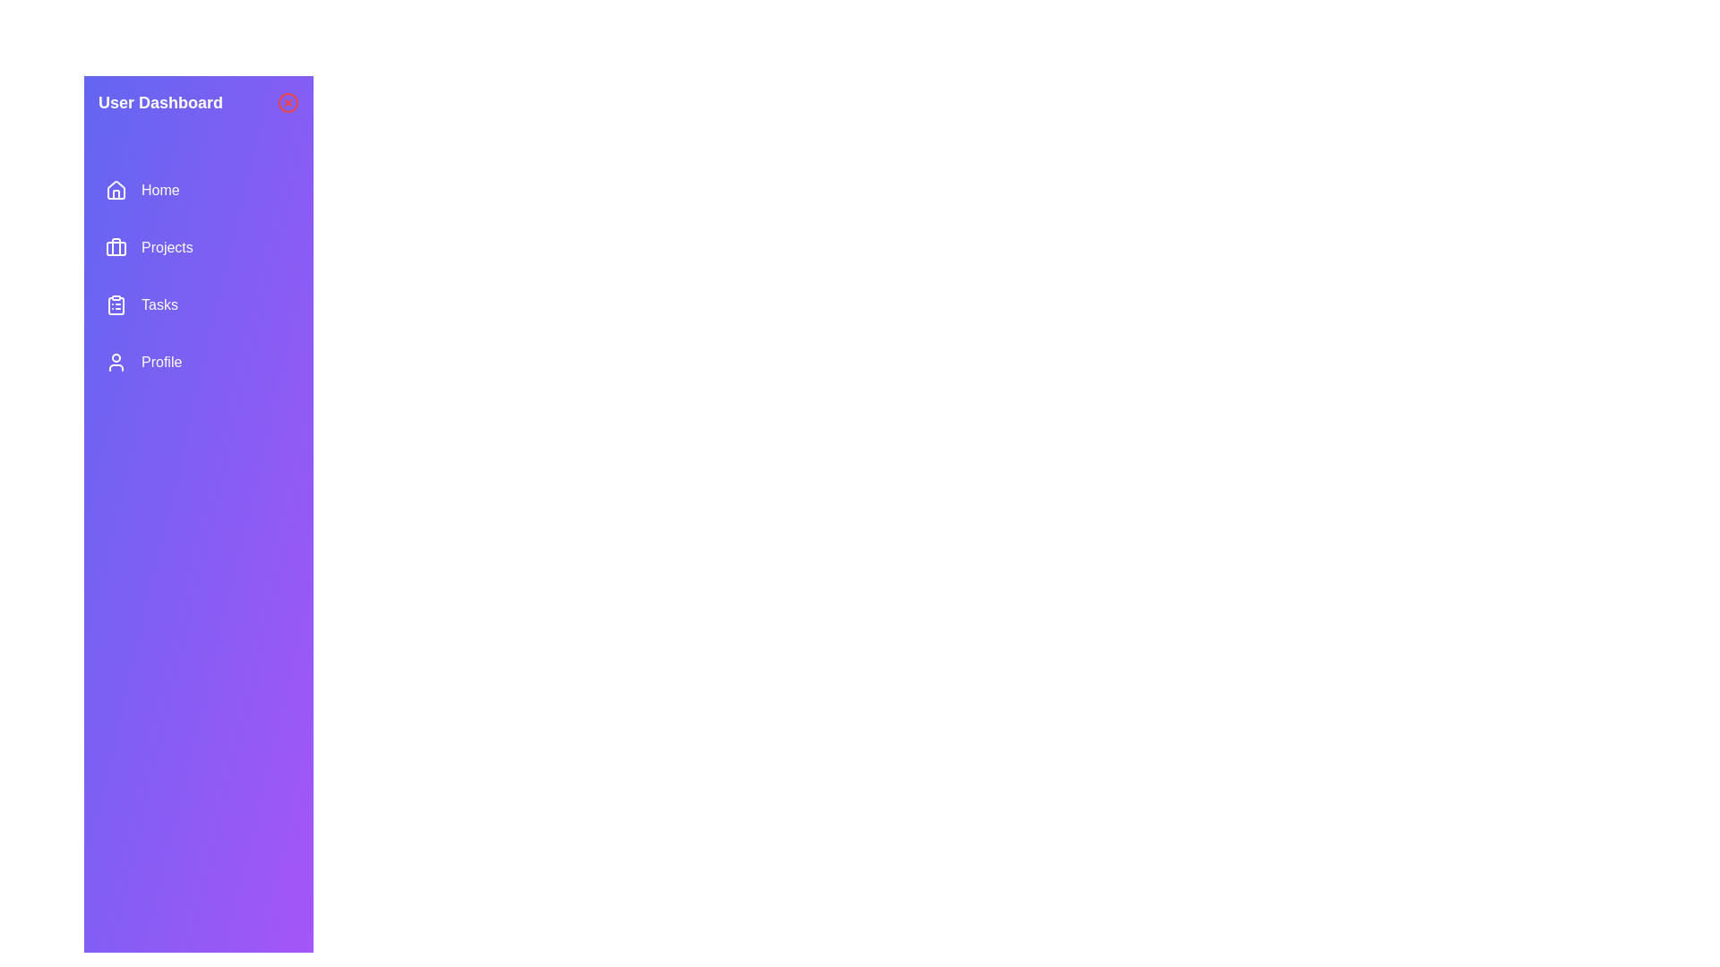 Image resolution: width=1720 pixels, height=967 pixels. I want to click on the vertical rectangular line that forms part of the briefcase icon located in the second row of the sidebar menu, adjacent to the 'Projects' label, so click(115, 247).